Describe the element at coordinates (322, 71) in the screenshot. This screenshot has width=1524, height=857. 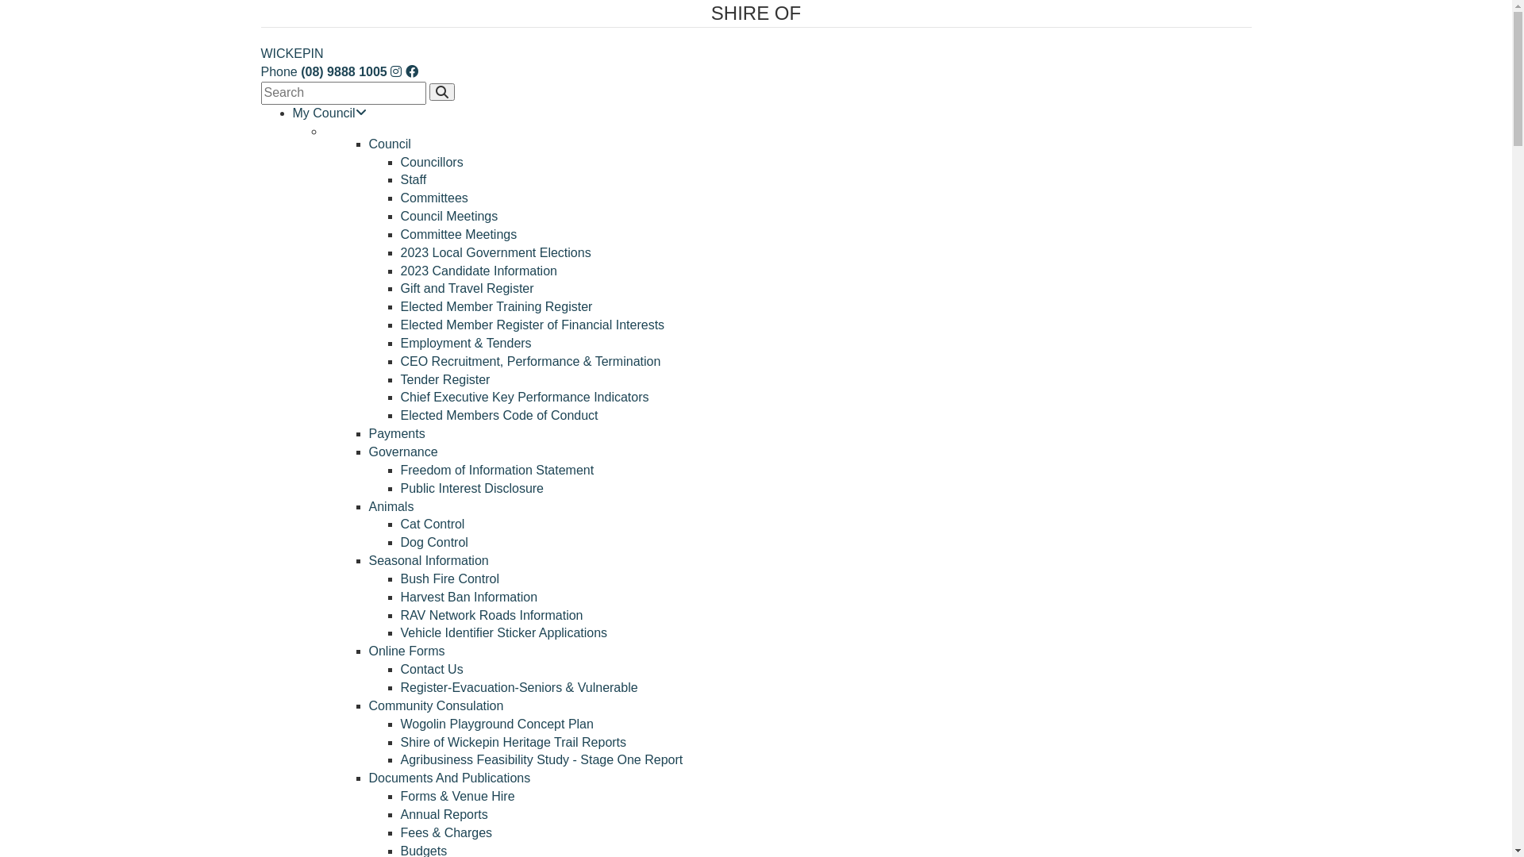
I see `'Phone (08) 9888 1005'` at that location.